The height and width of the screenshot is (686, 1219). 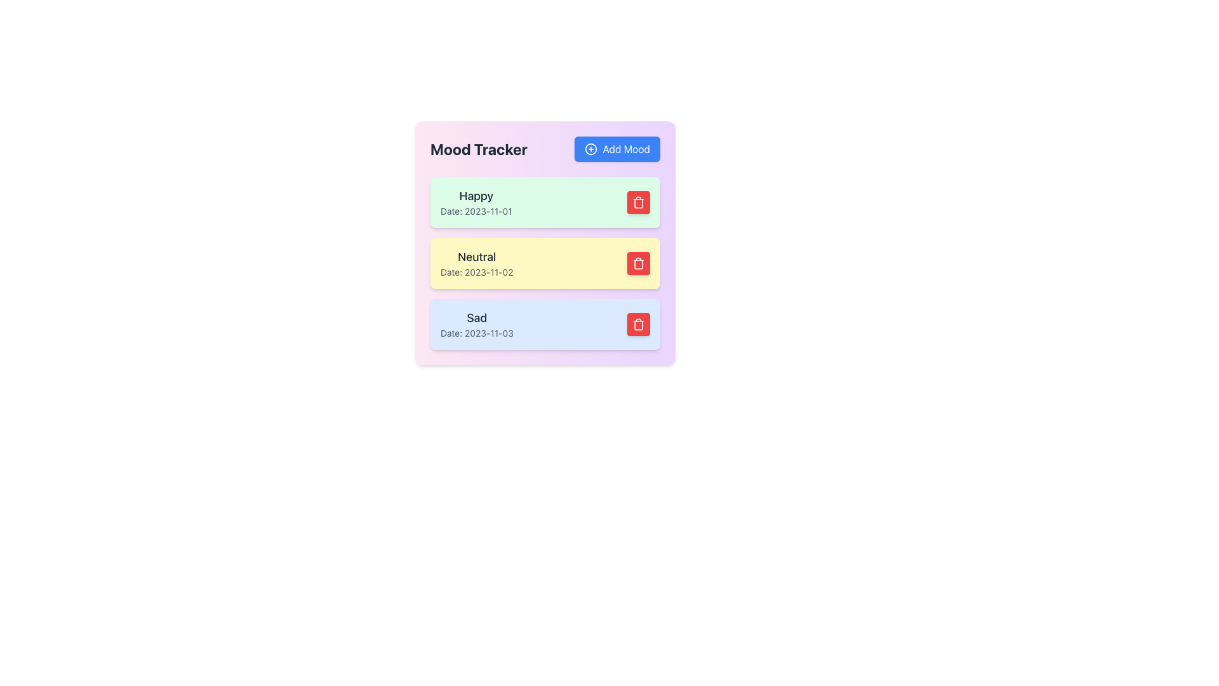 I want to click on the text label displaying the date '2023-11-01', which is located beneath the text 'Happy' in the first entry of the list, so click(x=476, y=210).